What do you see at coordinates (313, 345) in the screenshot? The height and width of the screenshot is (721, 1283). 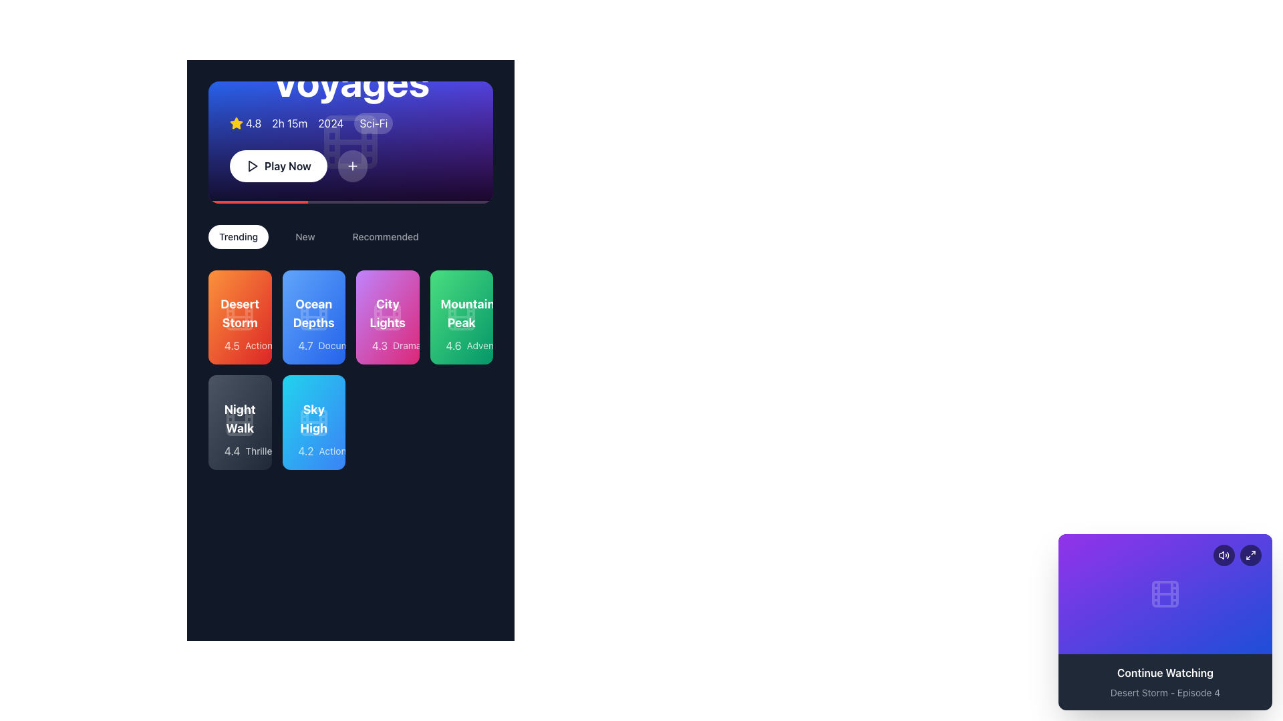 I see `the Information display row containing a yellow star icon and the text '4.7 Documentary', which is part of the 'Ocean Depths' card in the second column of the top row` at bounding box center [313, 345].